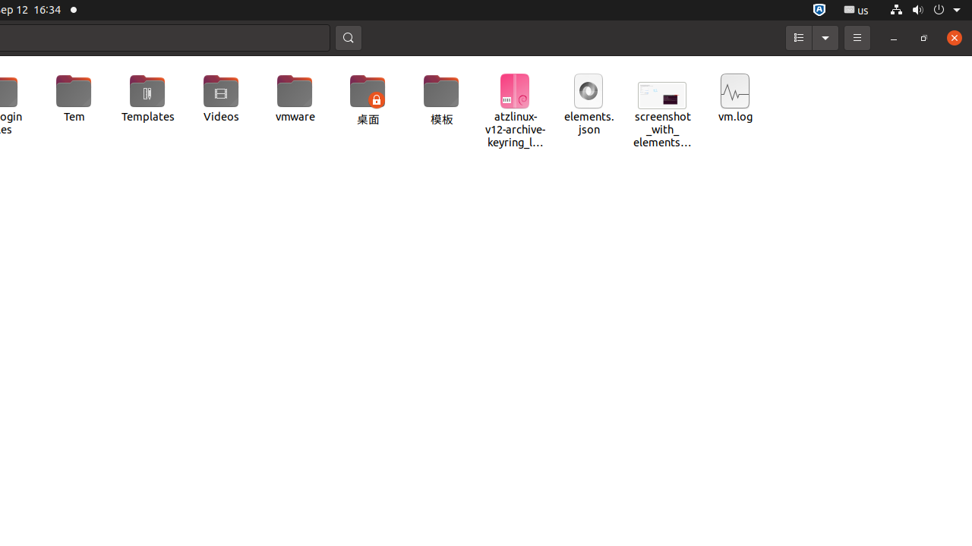 The width and height of the screenshot is (972, 546). I want to click on '模板', so click(440, 100).